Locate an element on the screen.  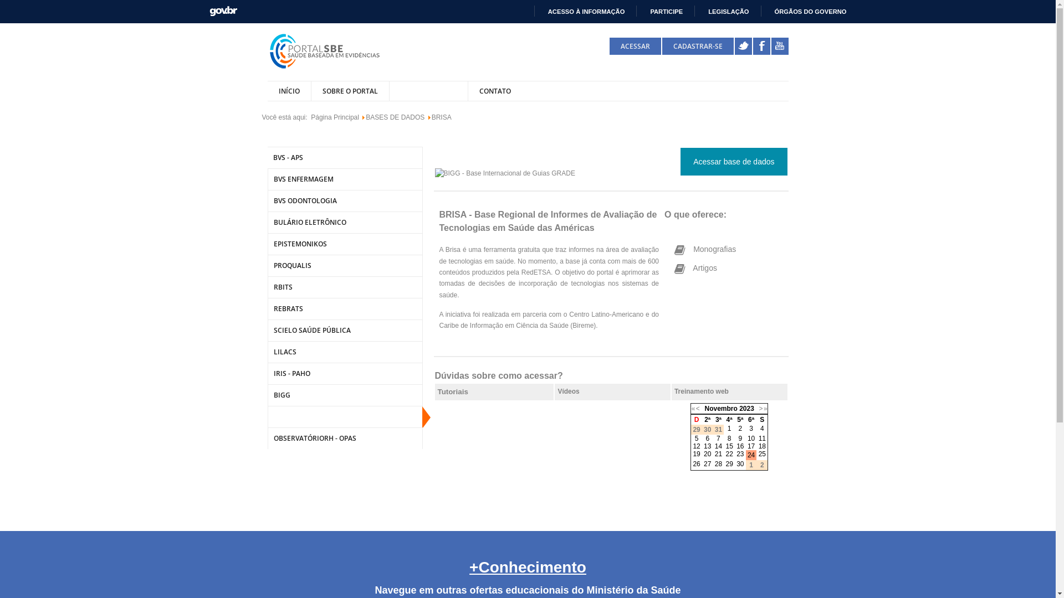
'REBRATS' is located at coordinates (344, 308).